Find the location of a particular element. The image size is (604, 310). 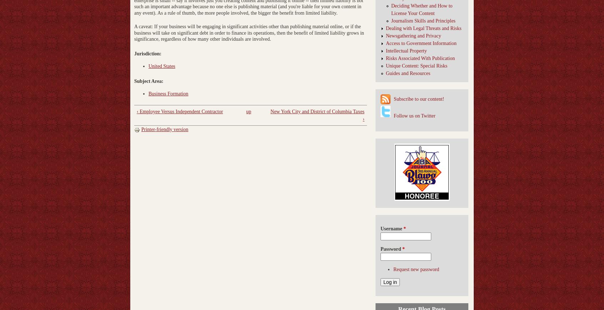

'Business Formation' is located at coordinates (168, 93).